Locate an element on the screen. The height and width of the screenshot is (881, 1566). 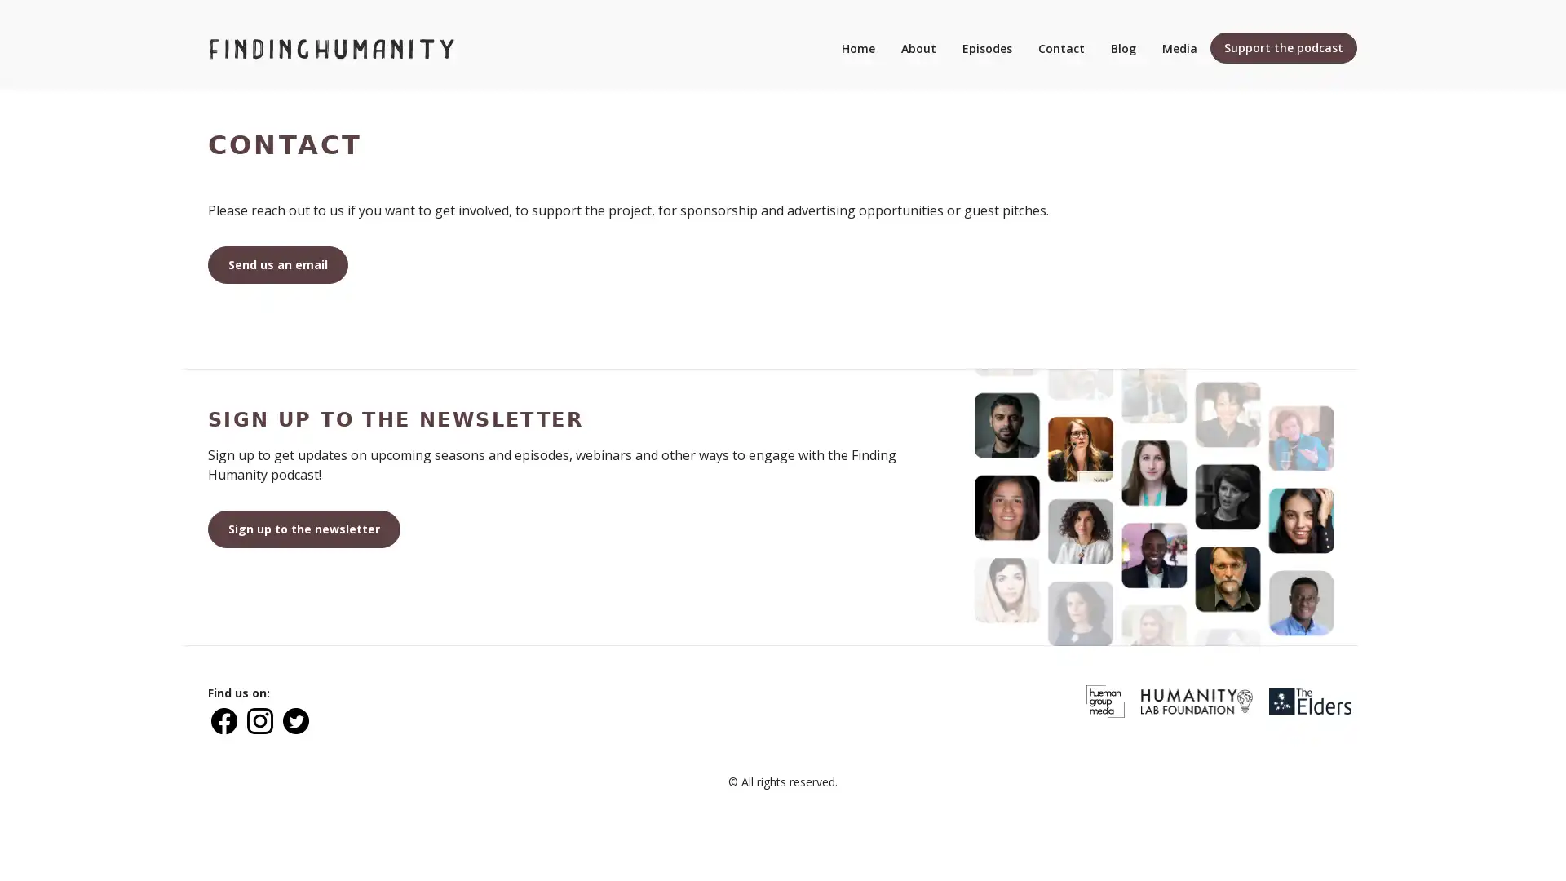
Sign up to the newsletter is located at coordinates (304, 529).